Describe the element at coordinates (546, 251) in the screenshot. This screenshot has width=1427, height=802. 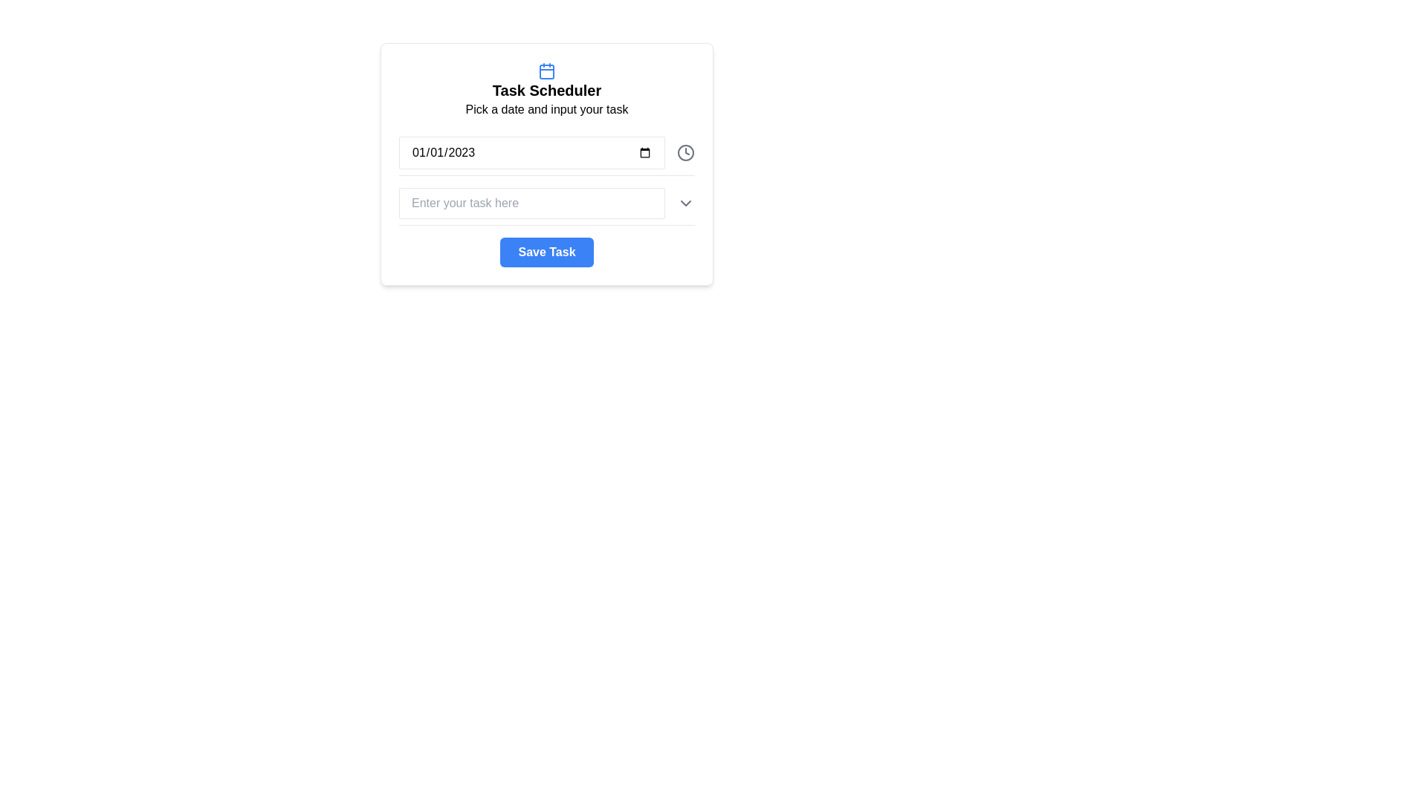
I see `the blue 'Save Task' button located at the bottom of the 'Task Scheduler' card` at that location.